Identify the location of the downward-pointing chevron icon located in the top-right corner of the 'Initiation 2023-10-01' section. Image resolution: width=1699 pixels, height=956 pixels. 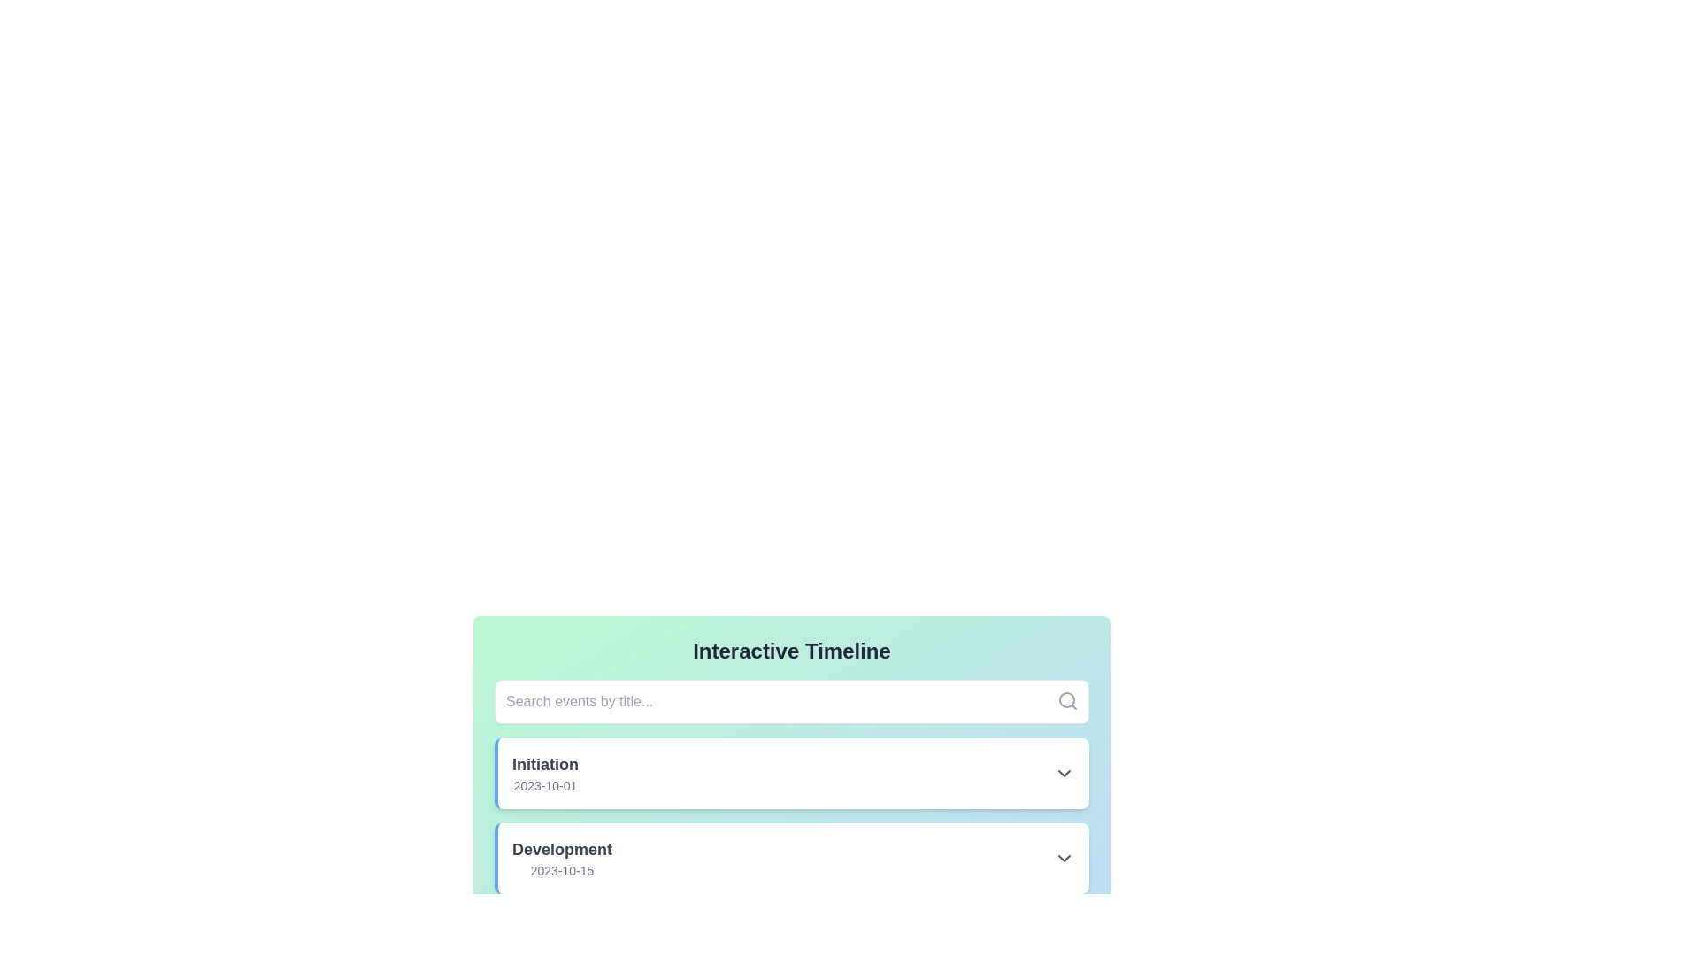
(1064, 773).